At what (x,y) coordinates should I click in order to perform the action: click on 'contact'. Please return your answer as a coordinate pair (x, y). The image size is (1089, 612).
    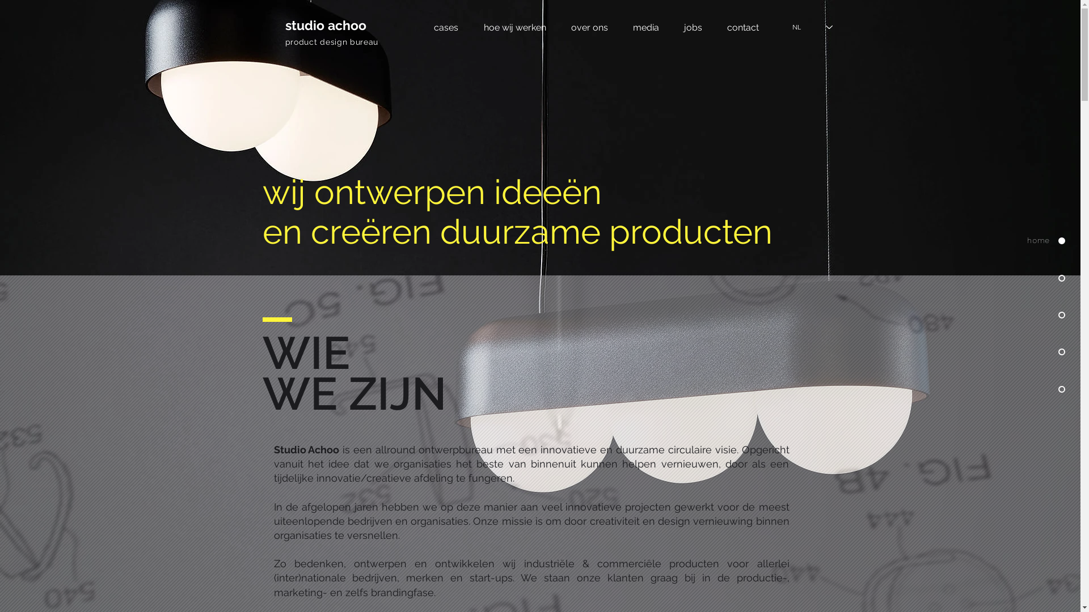
    Looking at the image, I should click on (743, 27).